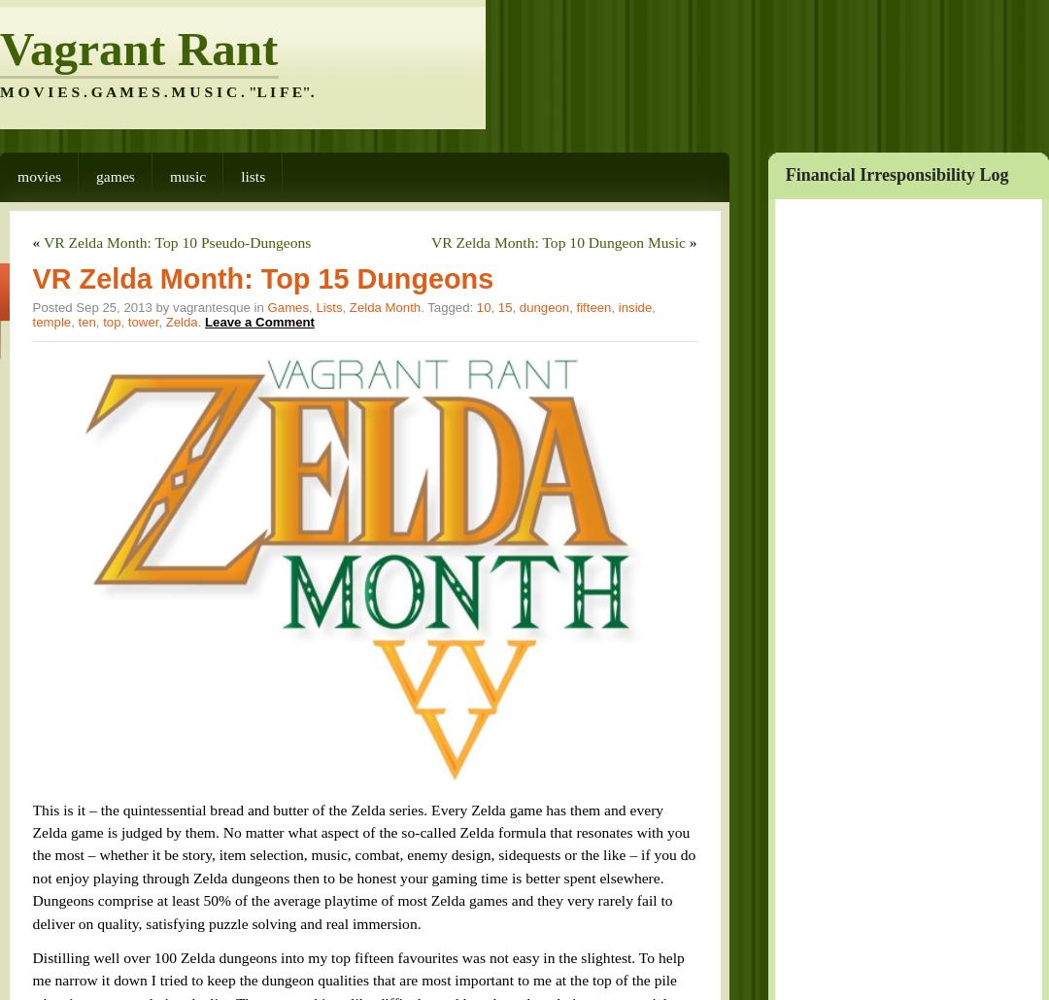  What do you see at coordinates (395, 255) in the screenshot?
I see `'10'` at bounding box center [395, 255].